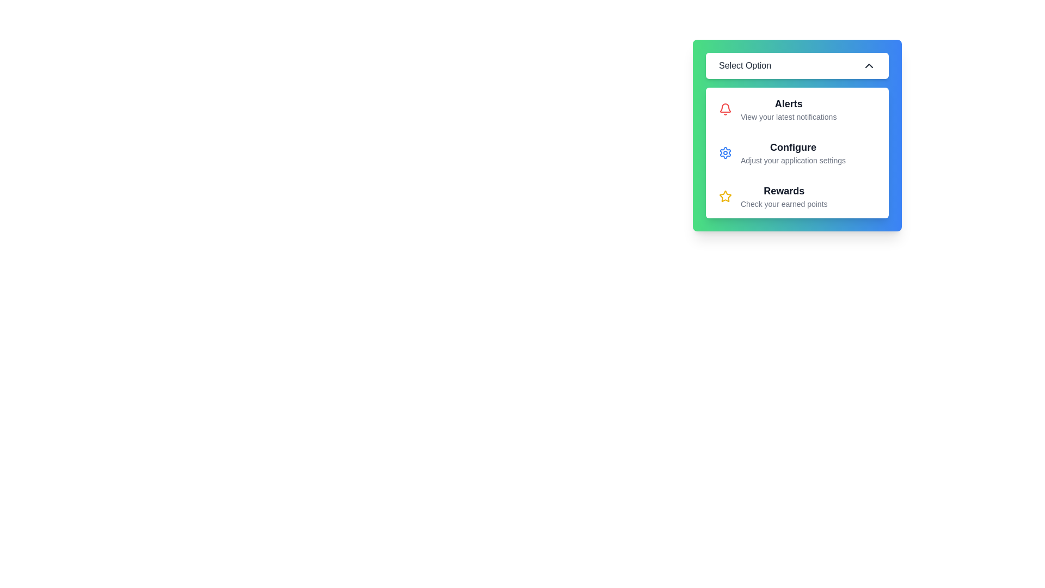  I want to click on the text label that serves as a placeholder inside the dropdown list, which describes the purpose or current state of the dropdown, so click(744, 65).